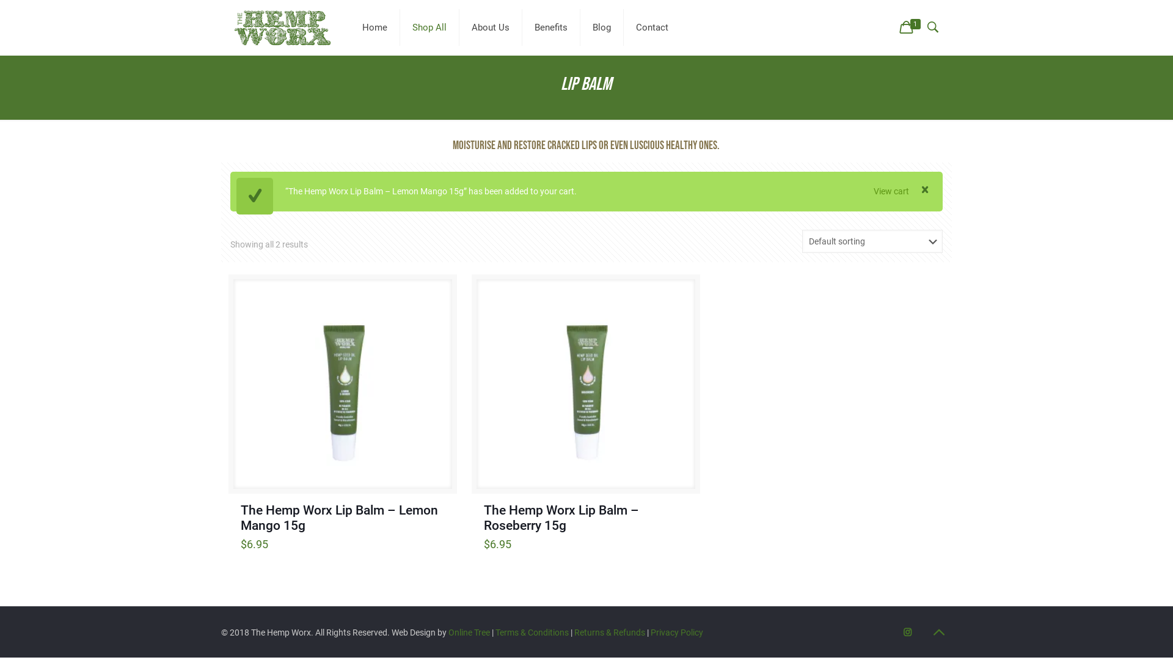  Describe the element at coordinates (429, 28) in the screenshot. I see `'Shop All'` at that location.